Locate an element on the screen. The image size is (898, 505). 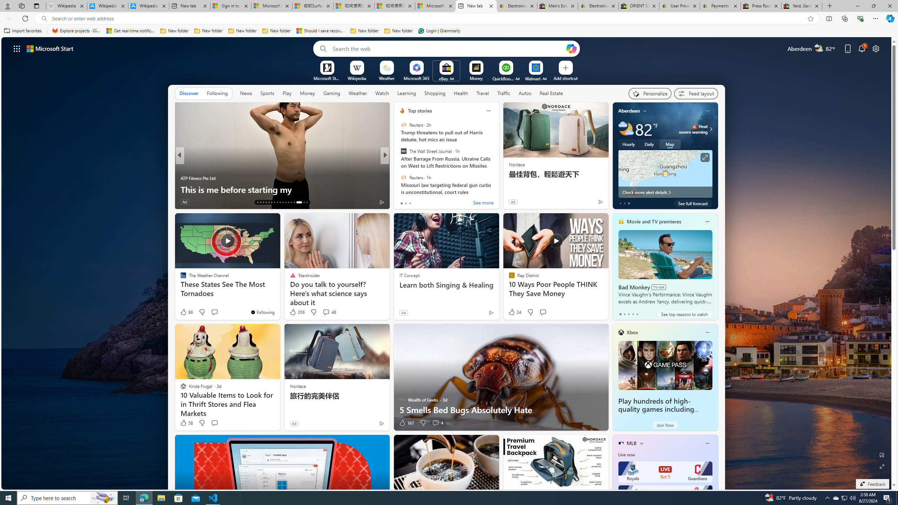
'GOBankingRates' is located at coordinates (399, 166).